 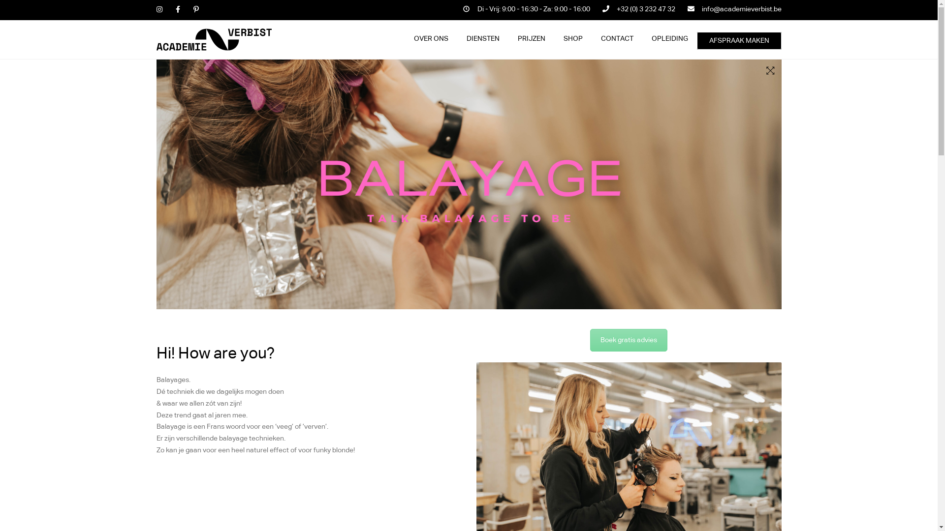 What do you see at coordinates (468, 457) in the screenshot?
I see `'Customer reviews powered by Trustpilot'` at bounding box center [468, 457].